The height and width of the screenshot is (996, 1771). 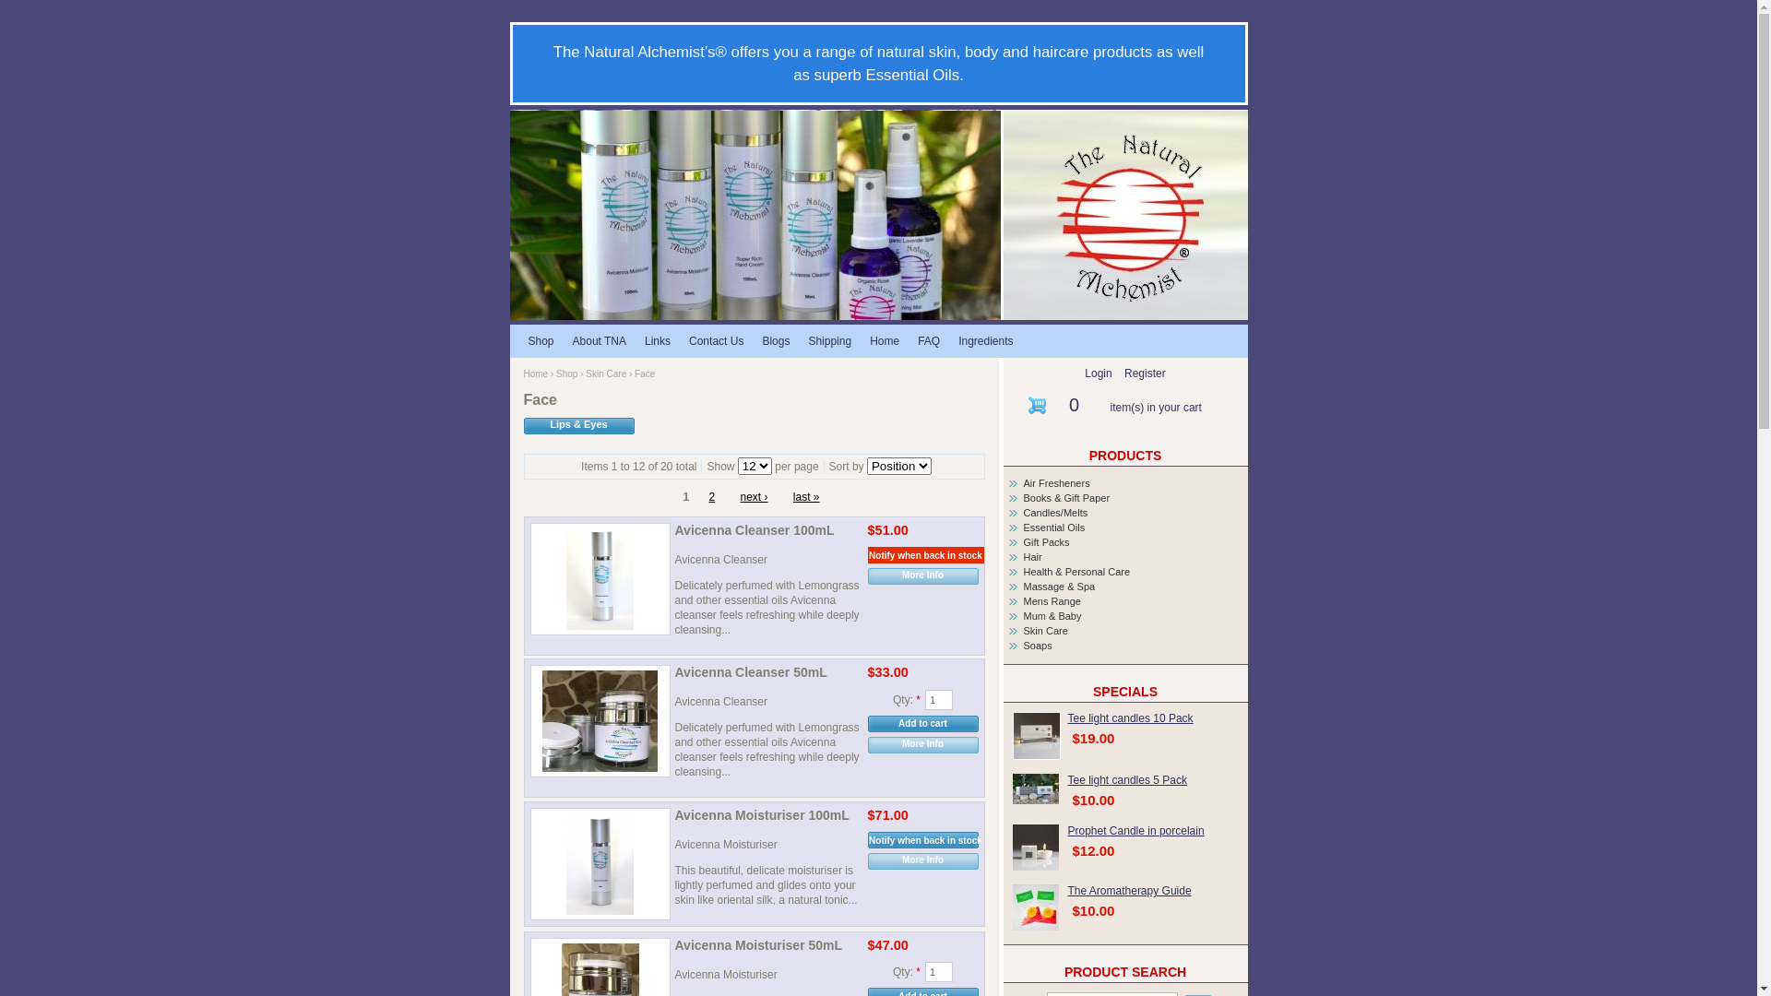 I want to click on 'Tee light candles 5 Pack', so click(x=1036, y=788).